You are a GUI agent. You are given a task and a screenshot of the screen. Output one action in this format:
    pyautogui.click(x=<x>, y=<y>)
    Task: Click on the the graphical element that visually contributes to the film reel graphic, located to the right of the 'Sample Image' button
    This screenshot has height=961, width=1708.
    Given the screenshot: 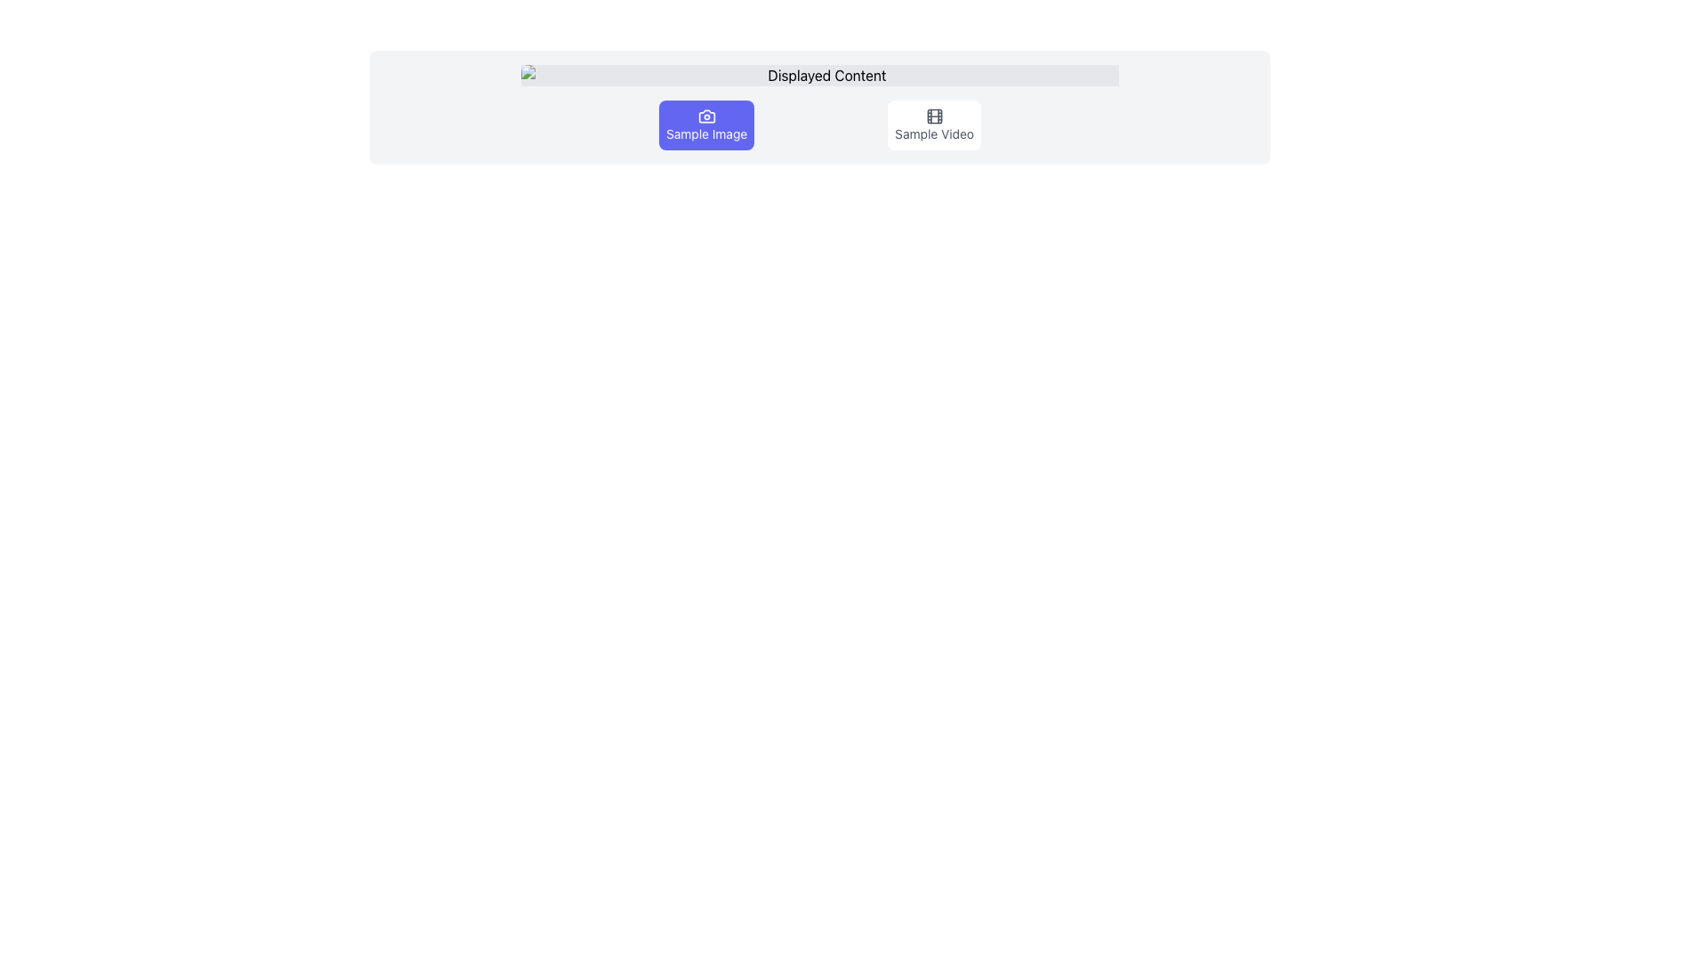 What is the action you would take?
    pyautogui.click(x=933, y=117)
    